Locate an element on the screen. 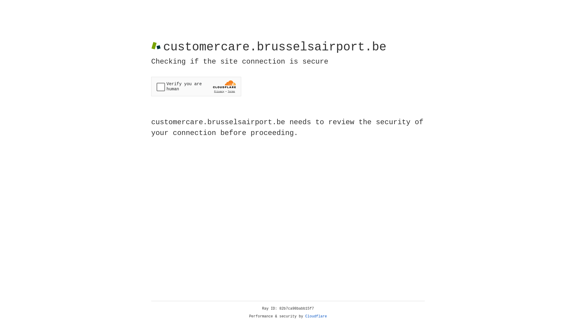 The image size is (576, 324). 'Cloudflare' is located at coordinates (316, 316).